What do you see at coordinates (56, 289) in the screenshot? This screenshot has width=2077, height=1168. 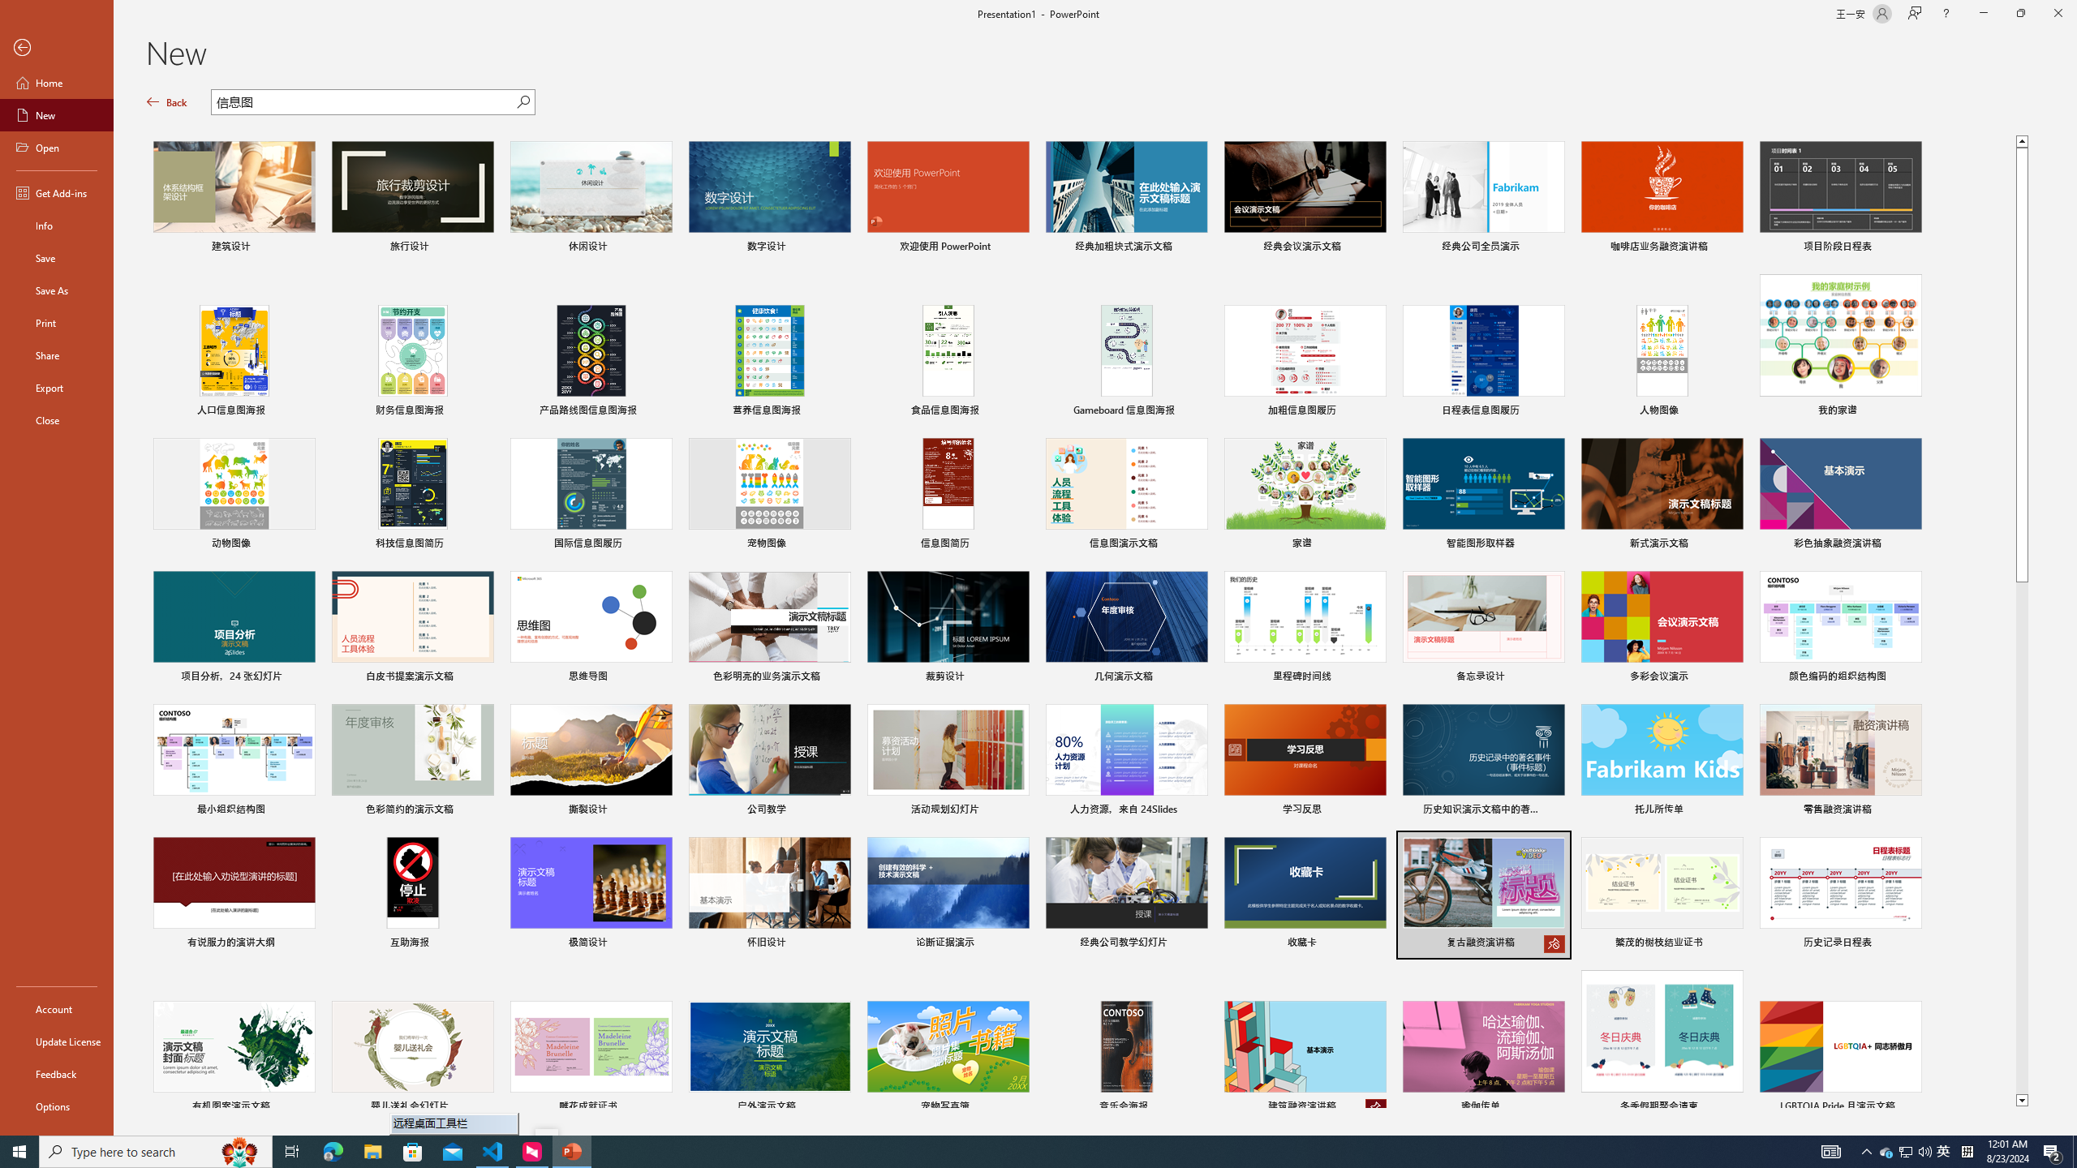 I see `'Save As'` at bounding box center [56, 289].